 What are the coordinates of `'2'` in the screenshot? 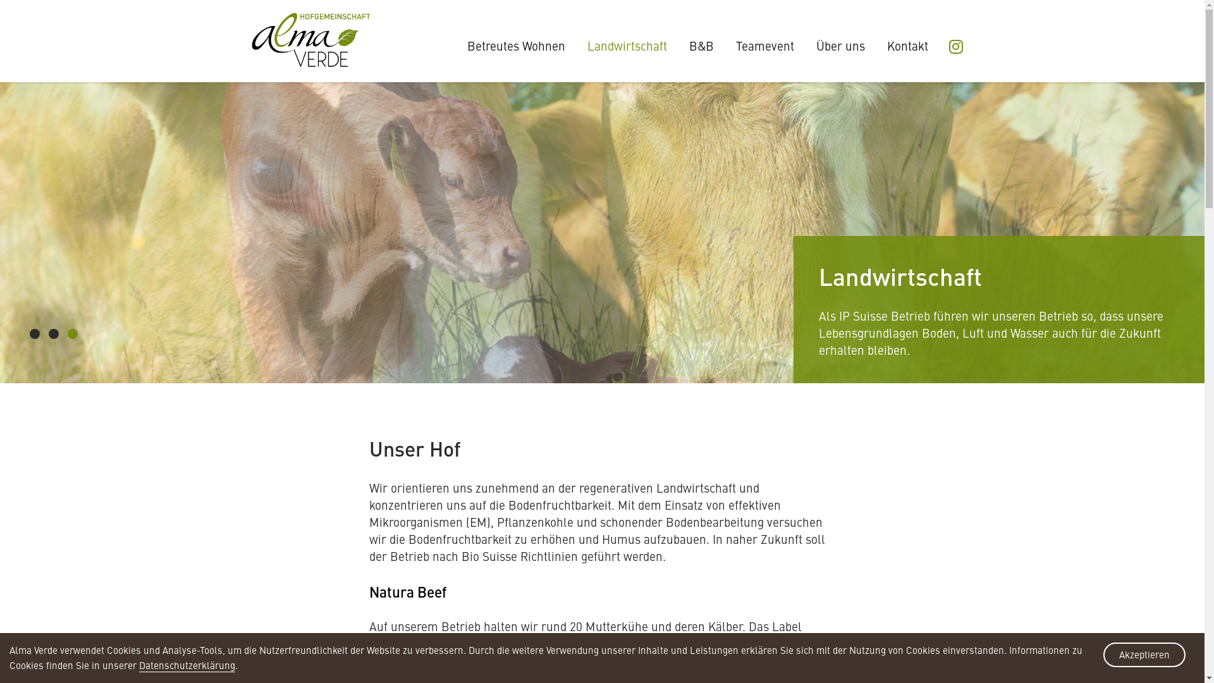 It's located at (53, 333).